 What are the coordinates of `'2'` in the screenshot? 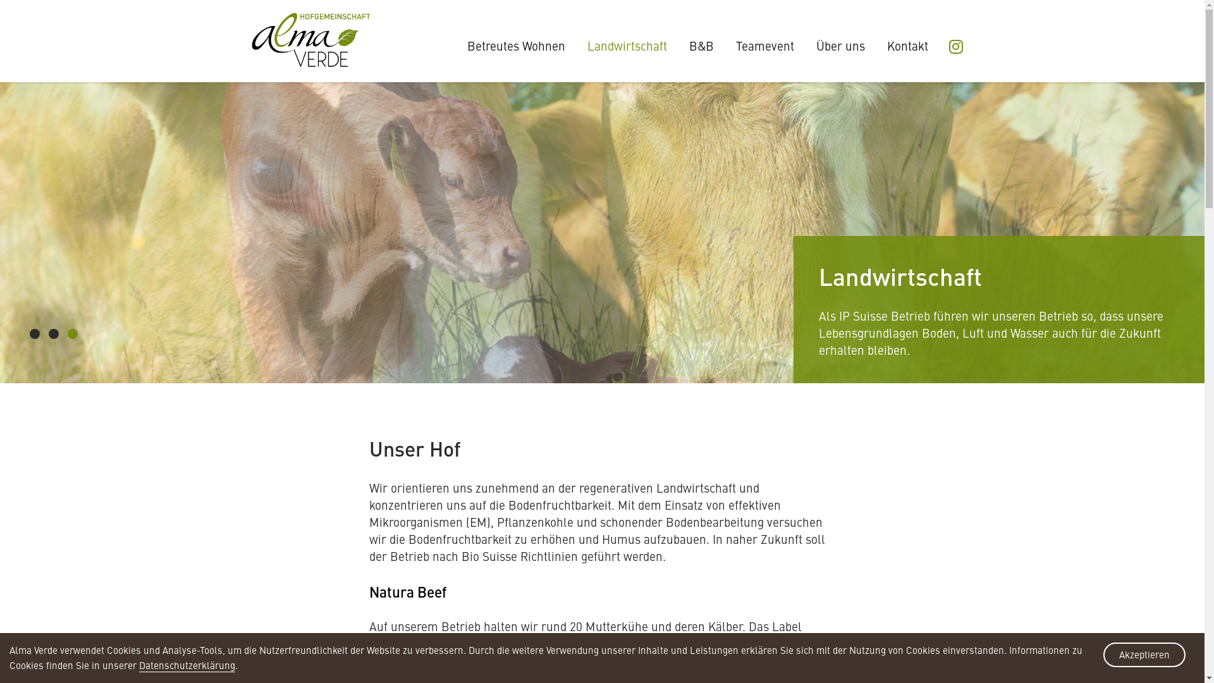 It's located at (53, 333).